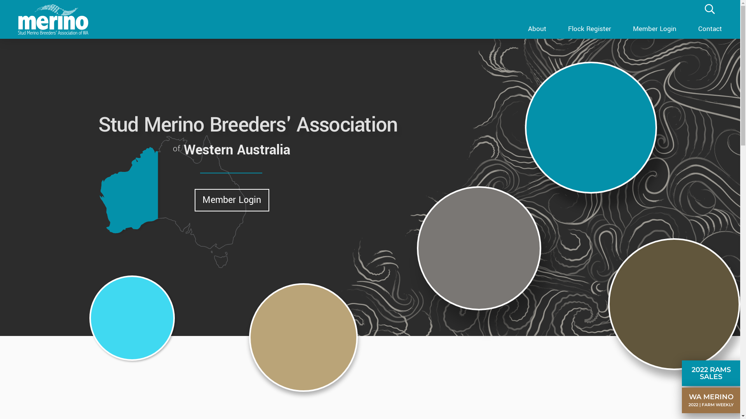  I want to click on 'Flock Register', so click(557, 28).